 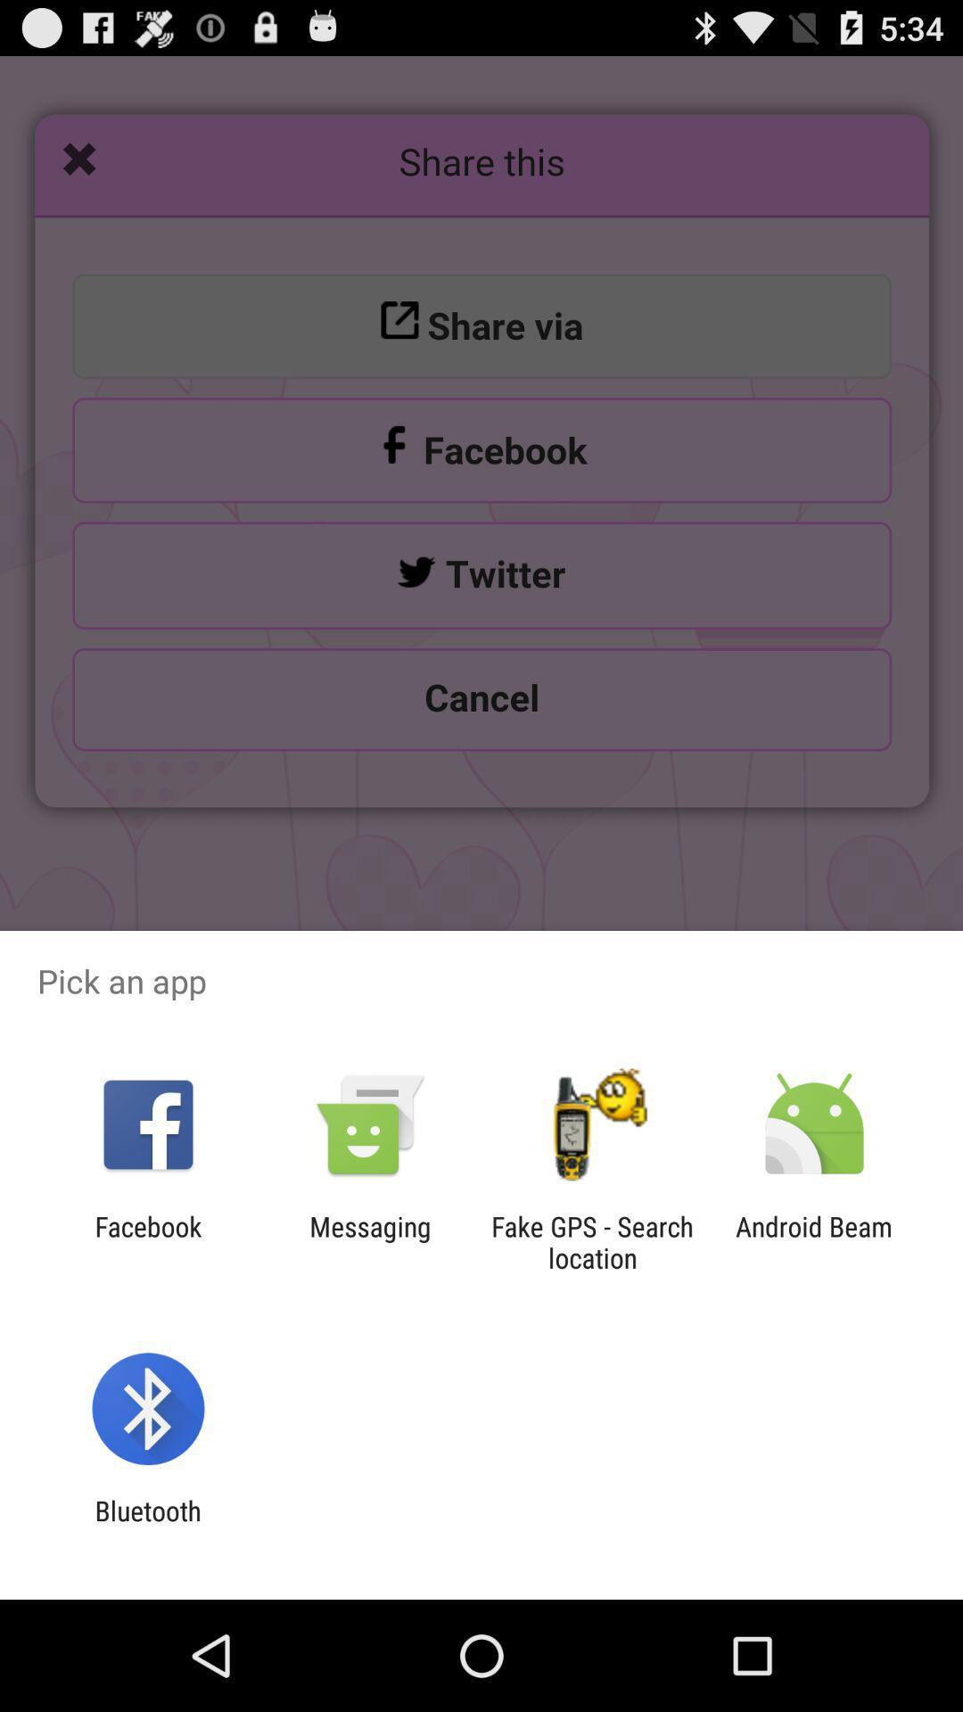 What do you see at coordinates (592, 1241) in the screenshot?
I see `fake gps search icon` at bounding box center [592, 1241].